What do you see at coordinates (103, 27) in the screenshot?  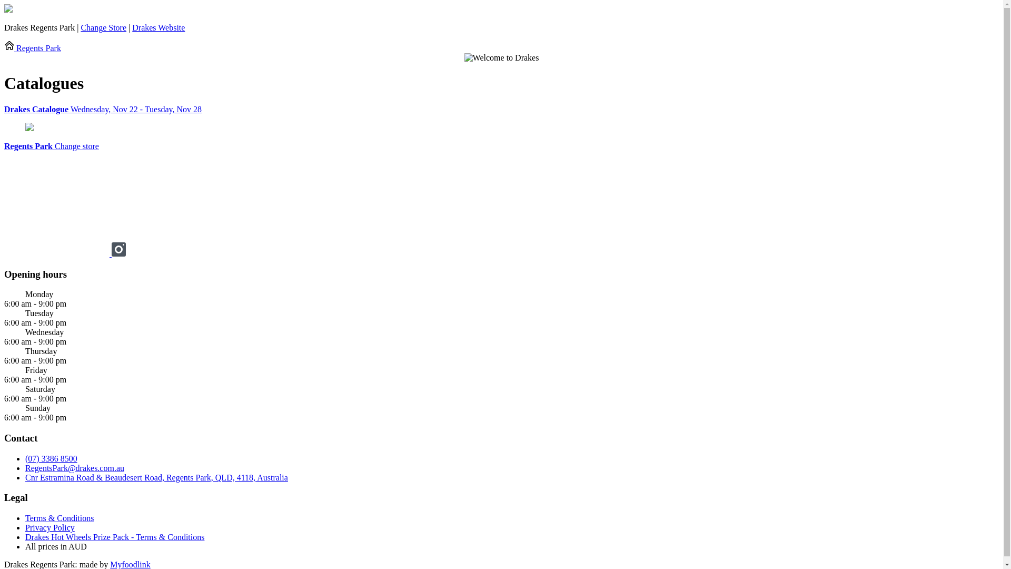 I see `'Change Store'` at bounding box center [103, 27].